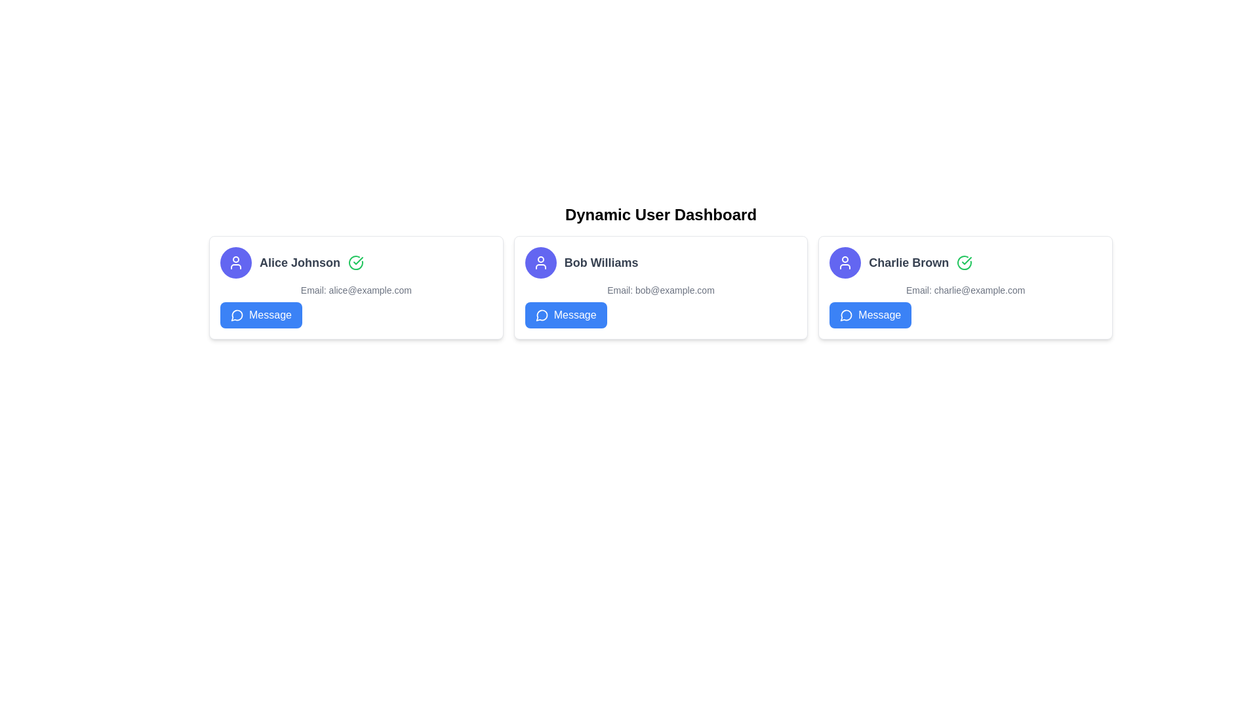 The height and width of the screenshot is (708, 1259). I want to click on the verification icon indicating that 'Alice Johnson' has been approved, located to the right of her name and slightly above the email and button components, so click(355, 263).